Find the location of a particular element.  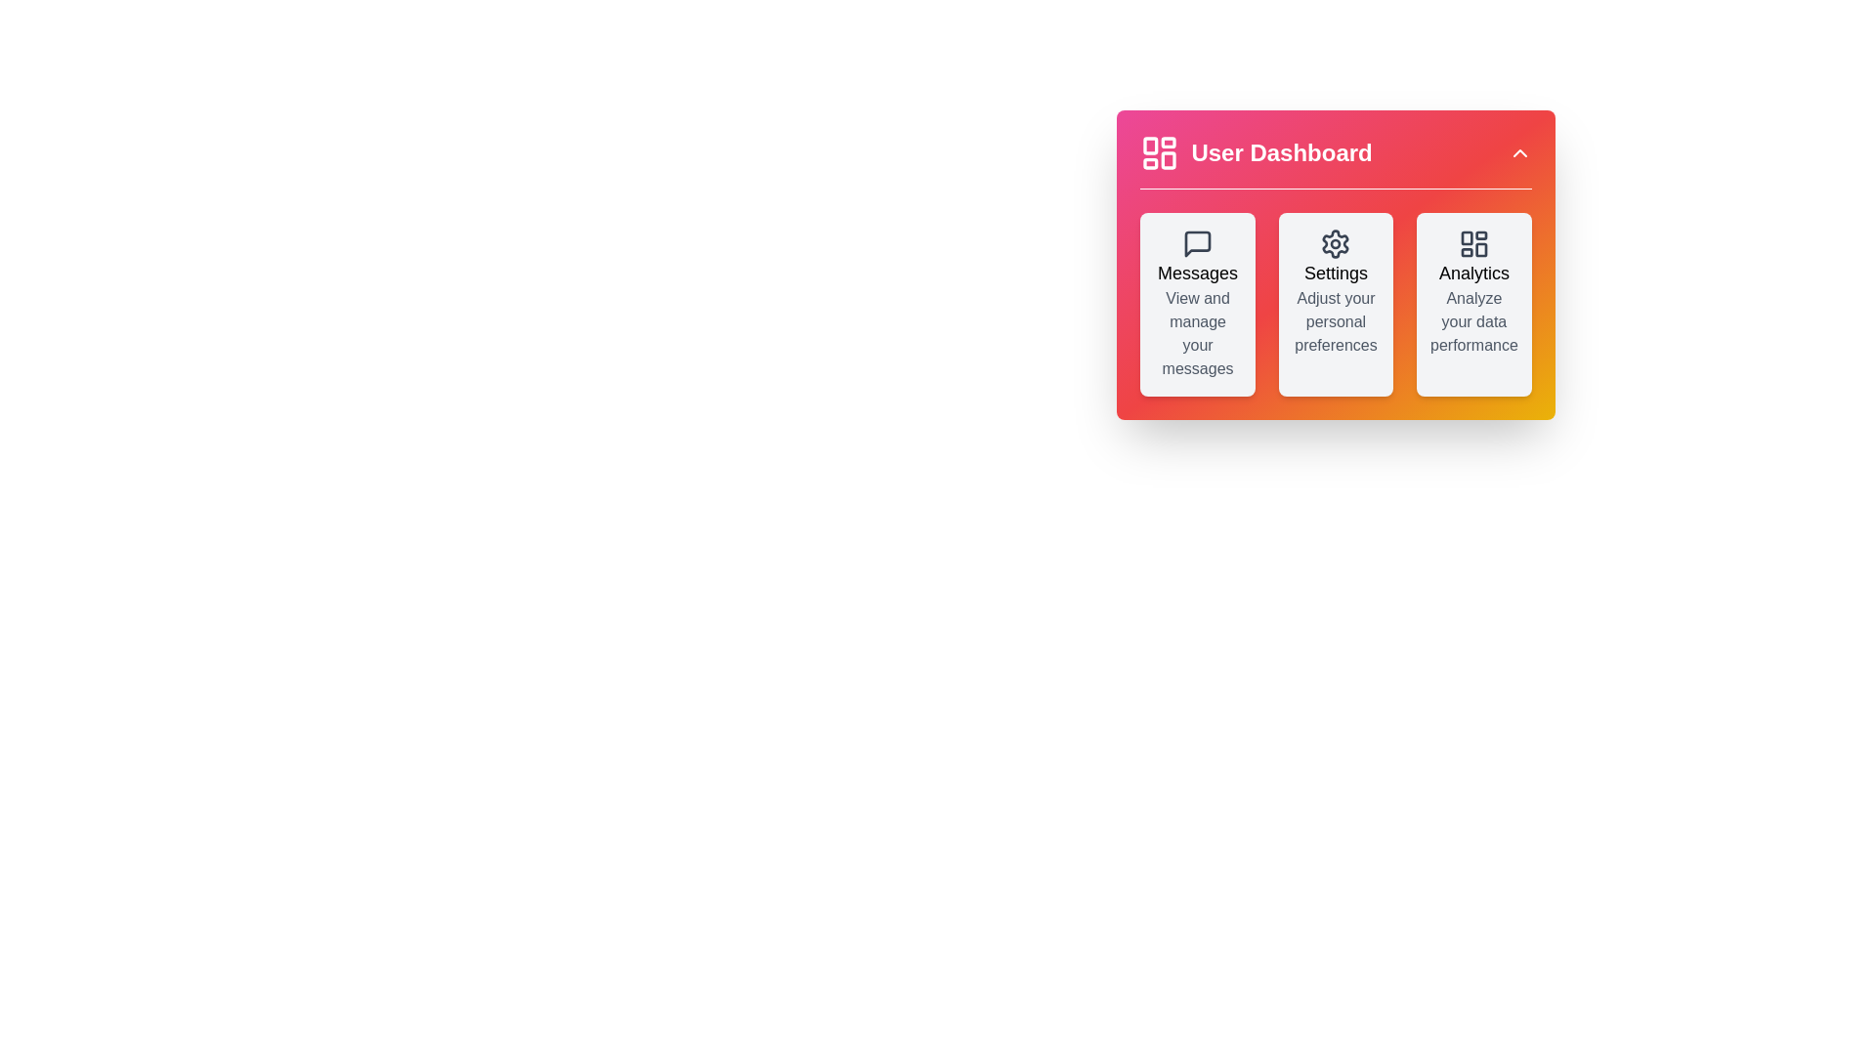

the upward-pointing triangle SVG icon located at the top-right corner of the dashboard header to trigger its hover effects is located at coordinates (1518, 152).